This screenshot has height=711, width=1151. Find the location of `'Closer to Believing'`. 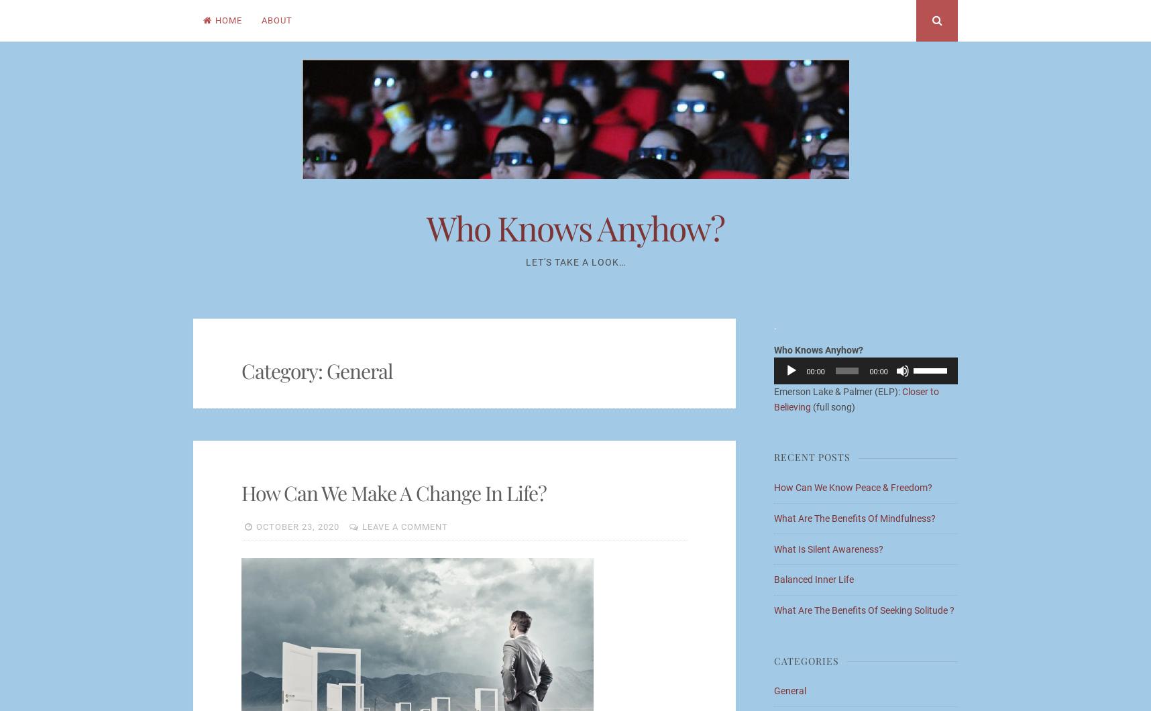

'Closer to Believing' is located at coordinates (857, 398).